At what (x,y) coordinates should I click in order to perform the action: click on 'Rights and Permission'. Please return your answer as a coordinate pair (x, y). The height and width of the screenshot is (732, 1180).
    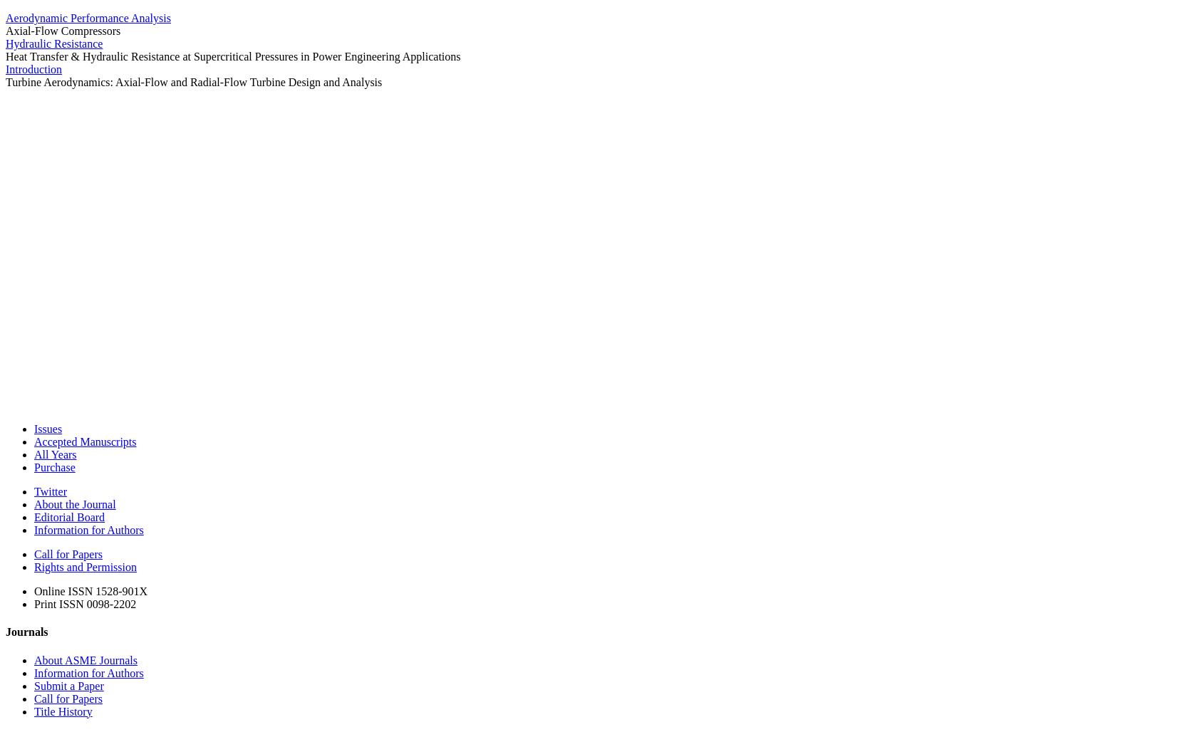
    Looking at the image, I should click on (33, 567).